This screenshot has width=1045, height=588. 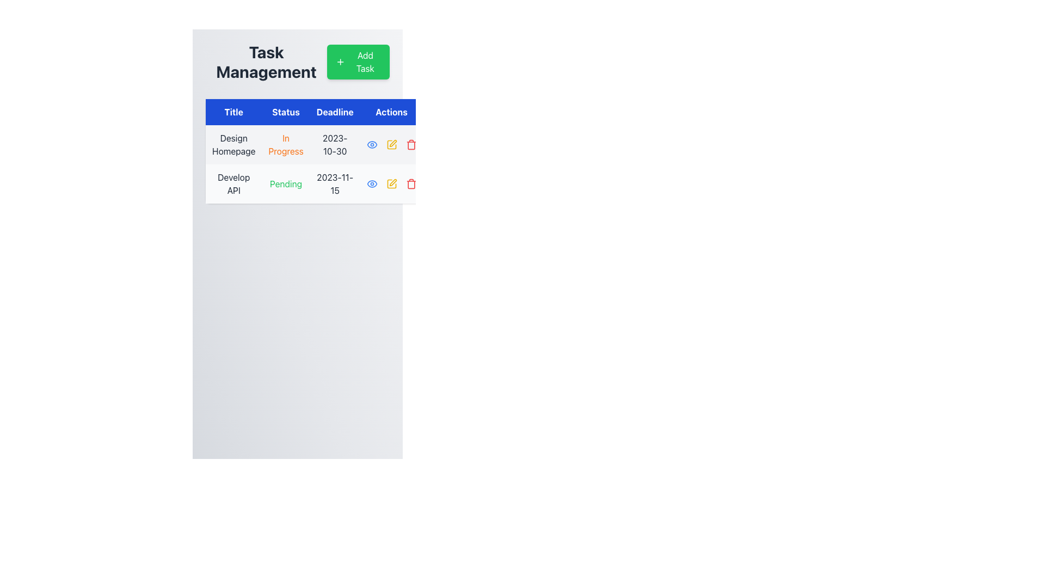 What do you see at coordinates (372, 144) in the screenshot?
I see `the eye icon located in the 'Actions' column of the task management table, adjacent to the 'Develop API' task row` at bounding box center [372, 144].